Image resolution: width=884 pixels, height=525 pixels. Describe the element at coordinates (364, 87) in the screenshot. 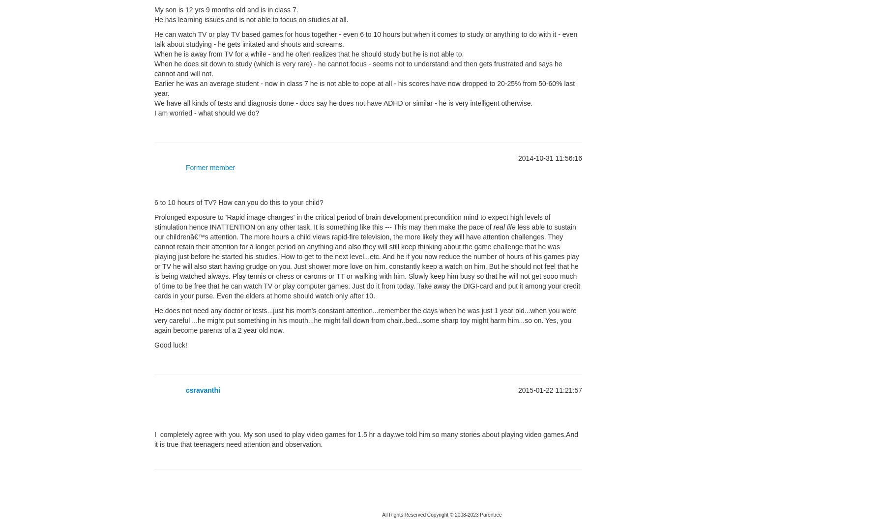

I see `'Earlier he was an average student - now in class 7 he is not able to cope at all - his scores have now dropped to 20-25% from 50-60% last year.'` at that location.